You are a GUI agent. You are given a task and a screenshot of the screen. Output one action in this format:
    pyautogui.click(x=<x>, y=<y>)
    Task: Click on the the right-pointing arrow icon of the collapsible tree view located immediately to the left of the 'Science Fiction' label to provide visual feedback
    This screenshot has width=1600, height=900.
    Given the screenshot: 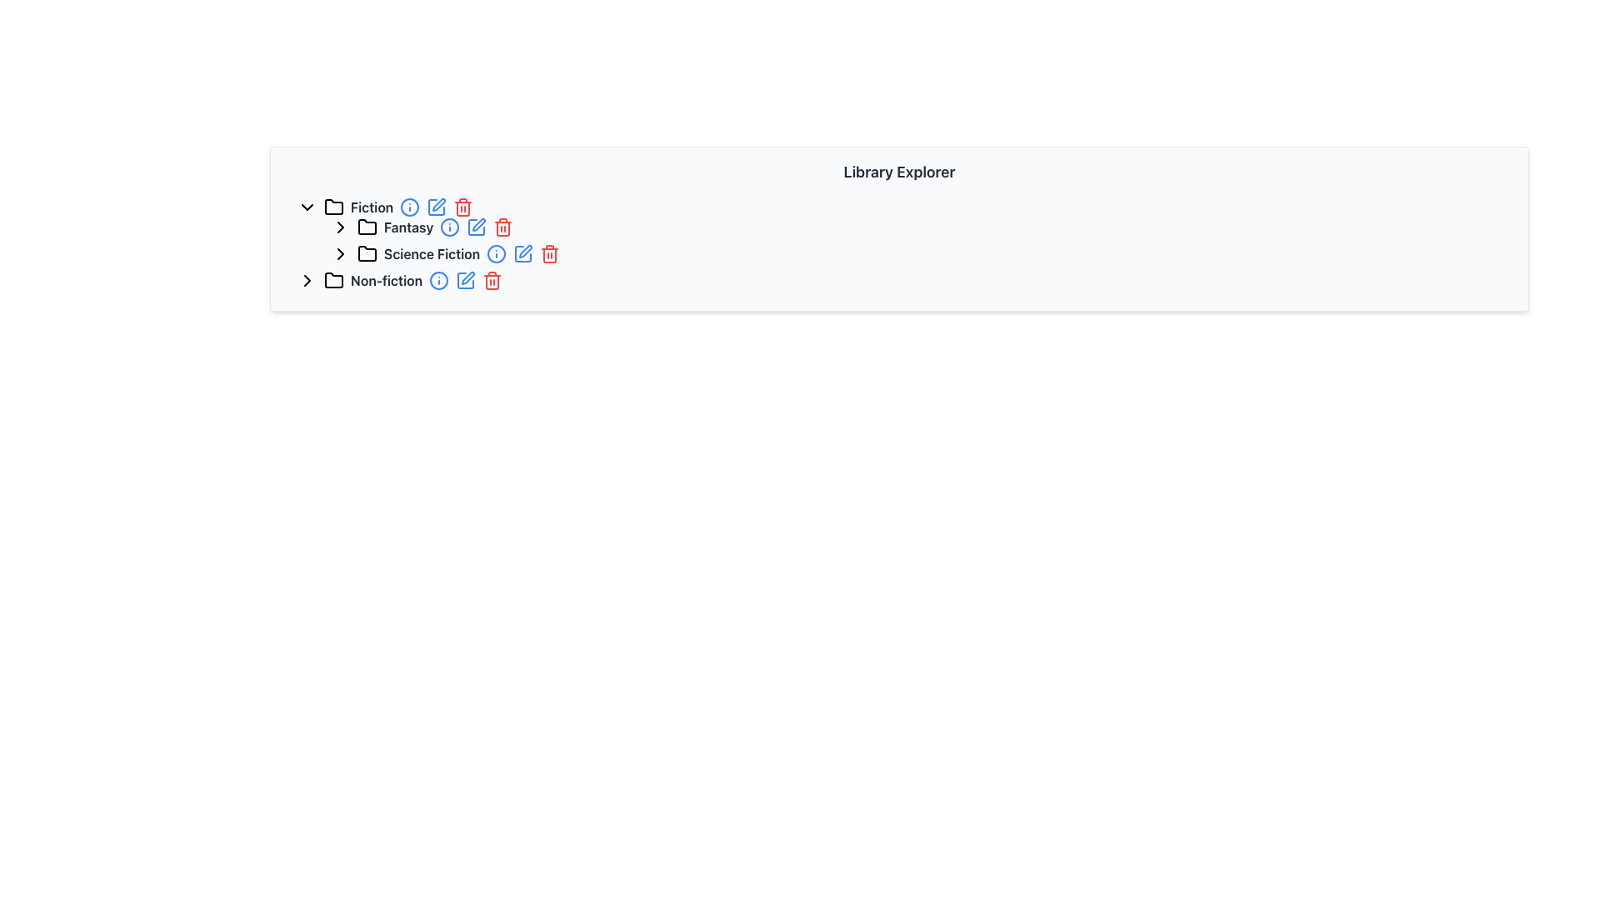 What is the action you would take?
    pyautogui.click(x=339, y=253)
    